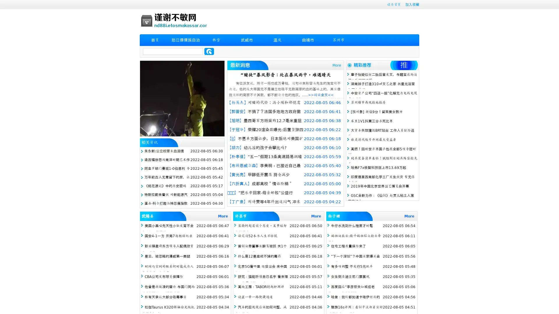 The image size is (559, 314). I want to click on Search, so click(209, 51).